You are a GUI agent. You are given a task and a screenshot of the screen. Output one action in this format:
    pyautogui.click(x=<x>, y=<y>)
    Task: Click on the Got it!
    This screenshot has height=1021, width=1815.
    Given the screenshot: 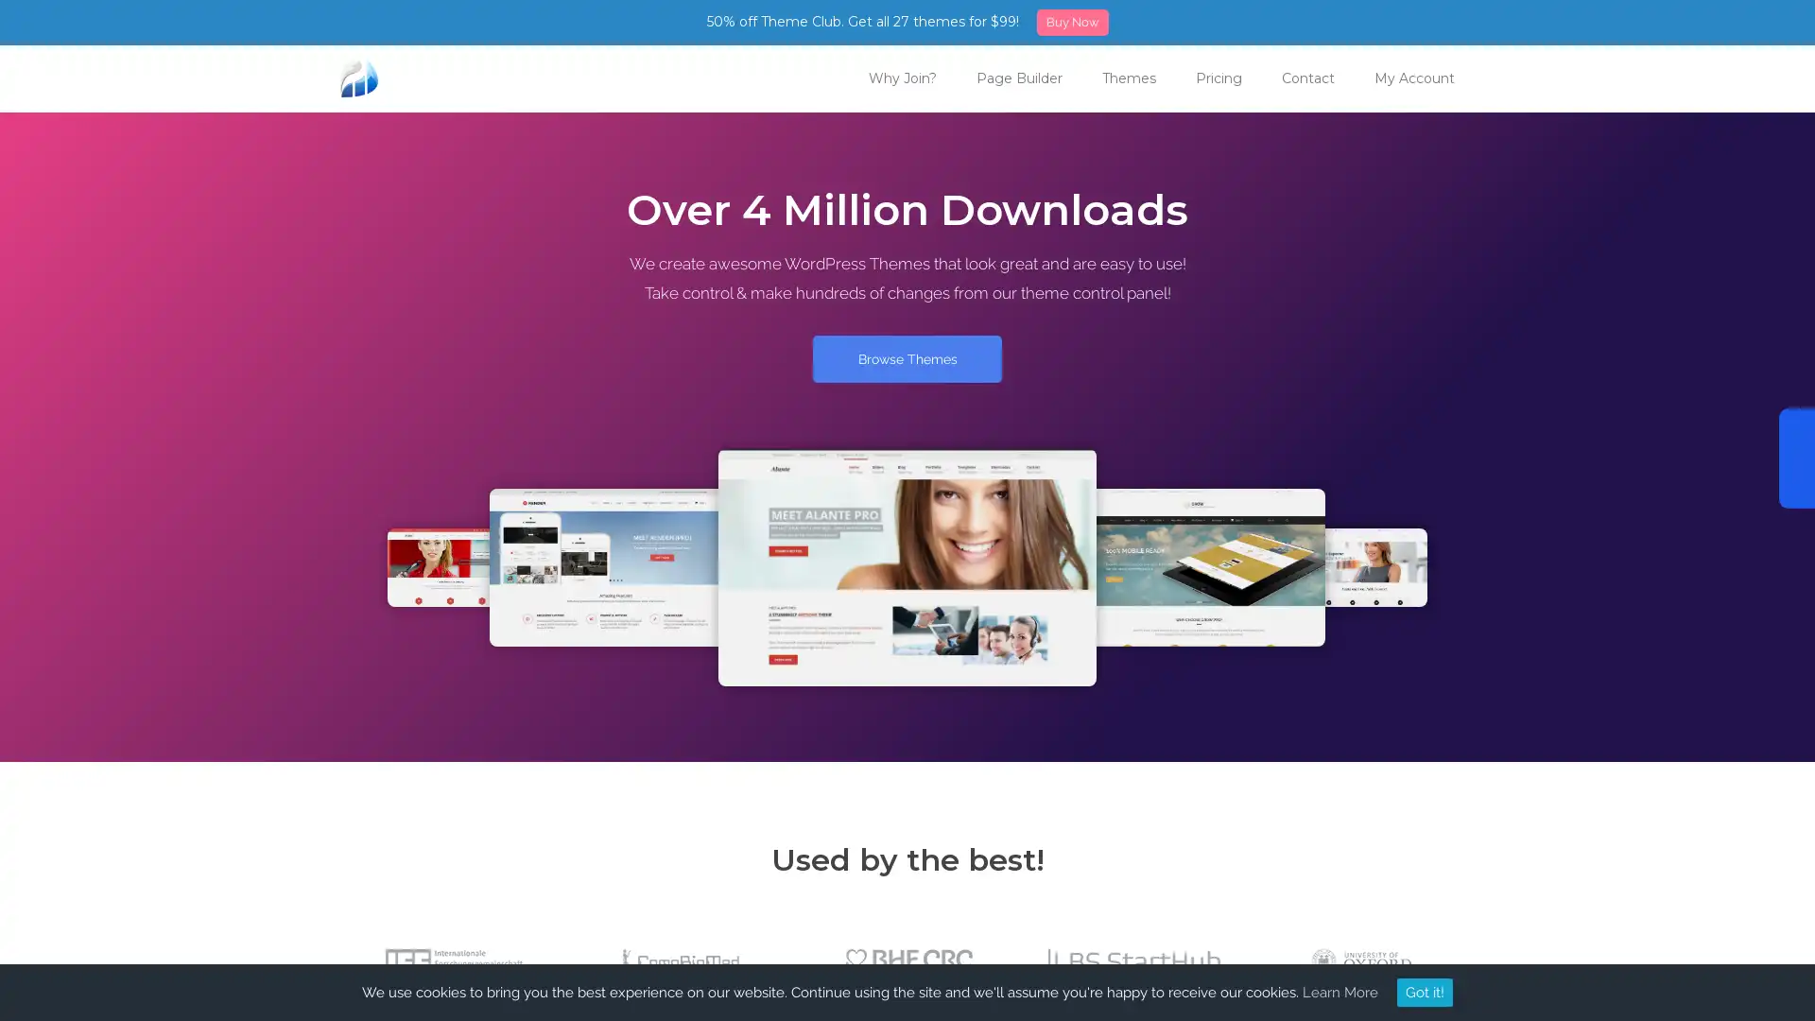 What is the action you would take?
    pyautogui.click(x=1425, y=991)
    